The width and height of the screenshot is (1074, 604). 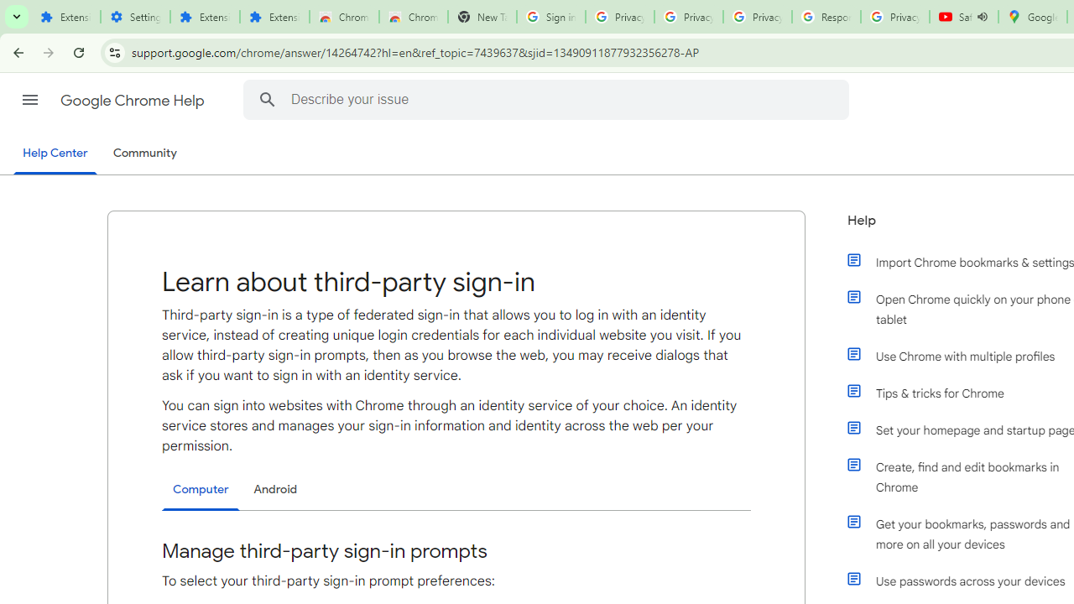 I want to click on 'Extensions', so click(x=274, y=17).